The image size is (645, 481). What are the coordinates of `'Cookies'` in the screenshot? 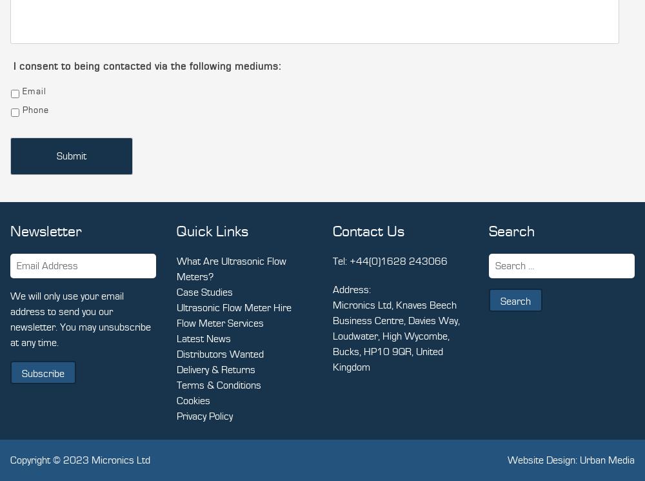 It's located at (193, 401).